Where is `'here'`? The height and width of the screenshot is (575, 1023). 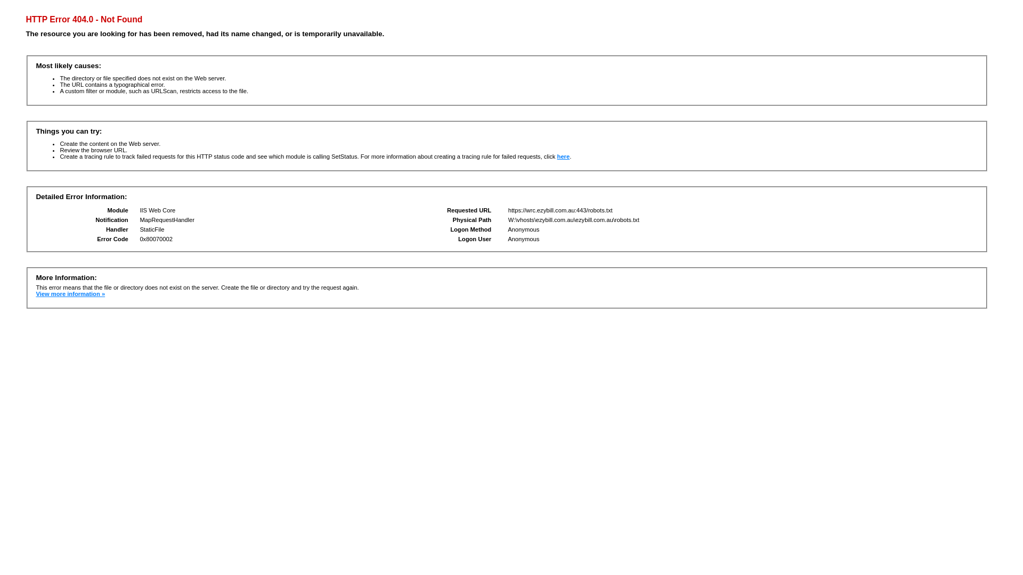 'here' is located at coordinates (563, 156).